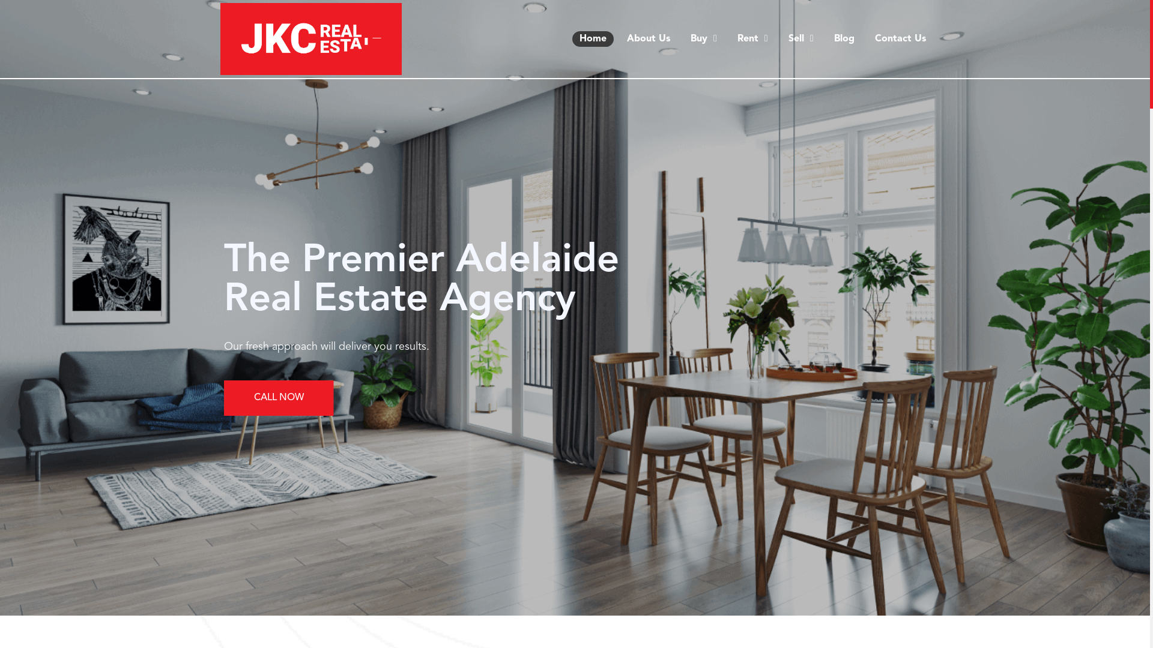 The height and width of the screenshot is (648, 1153). I want to click on 'Blog', so click(826, 38).